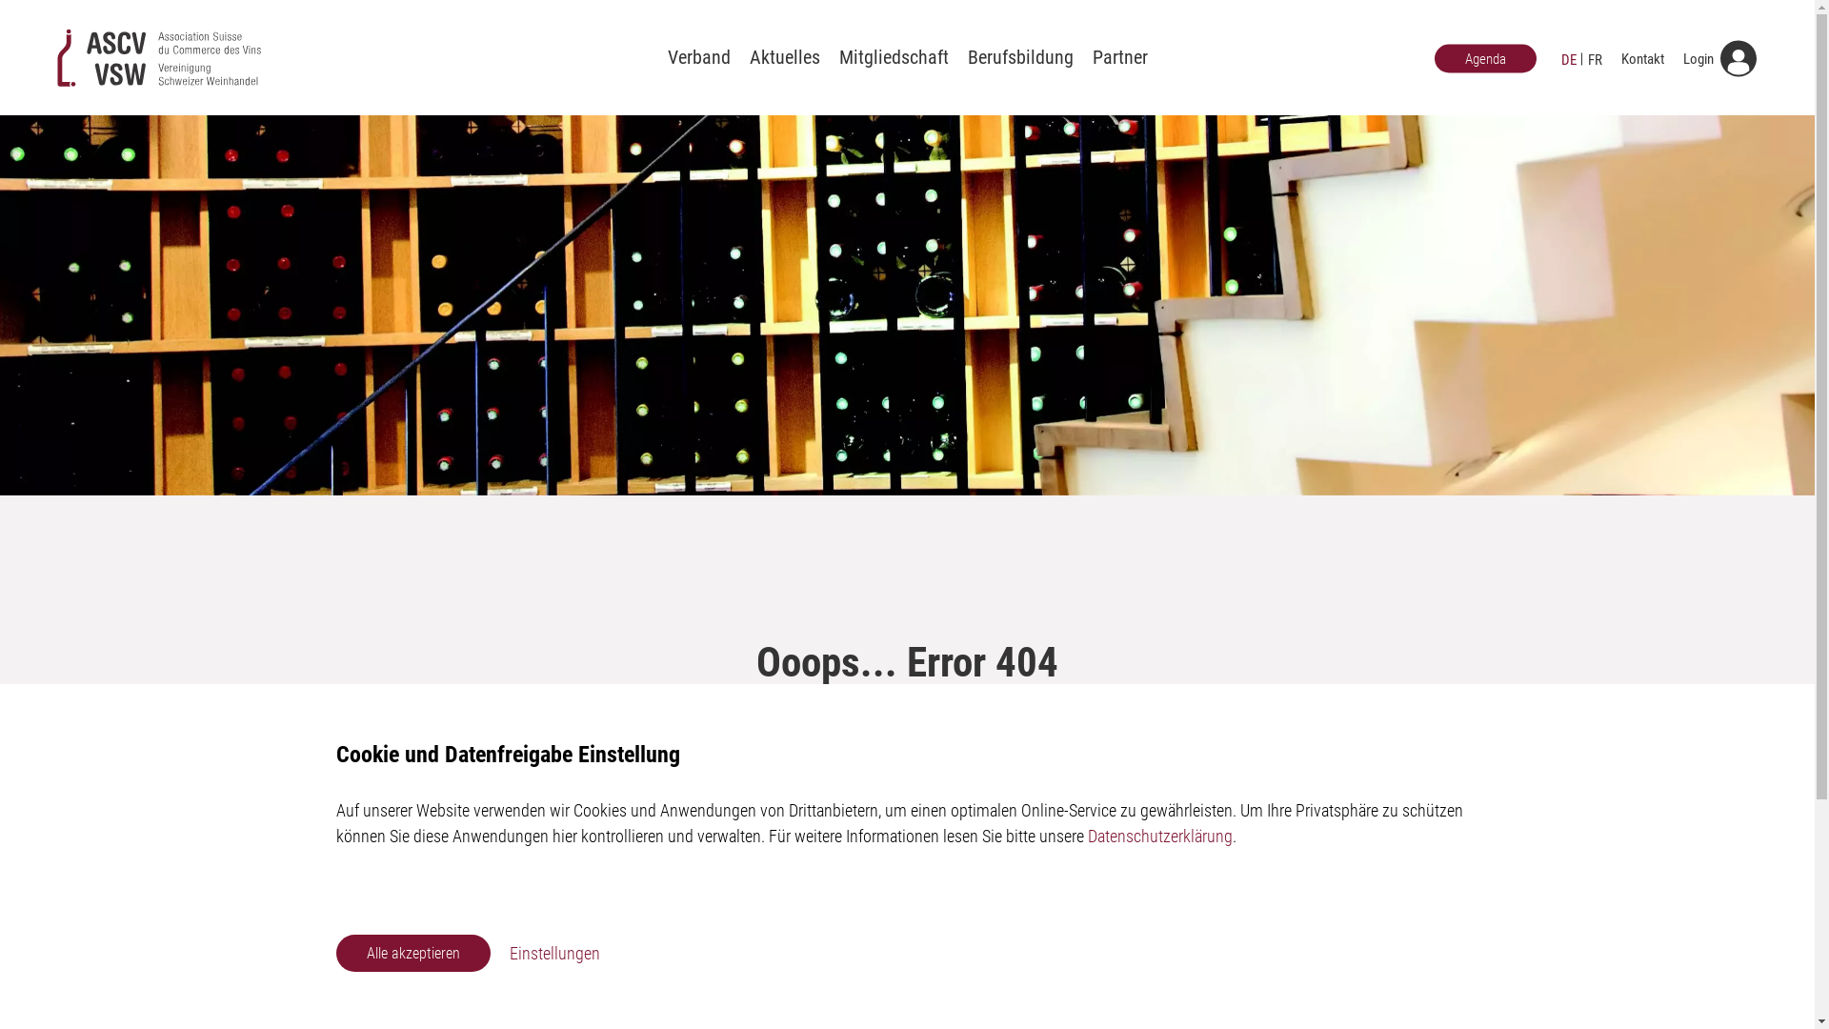  I want to click on 'Mitgliedschaft', so click(892, 56).